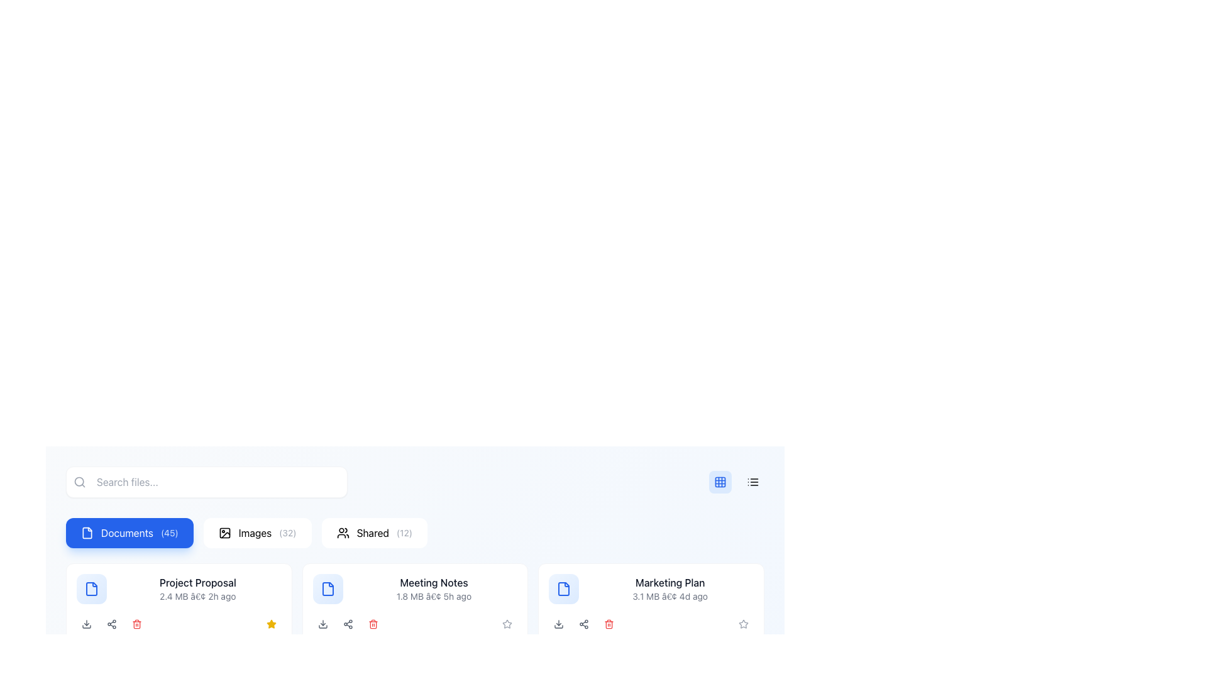  What do you see at coordinates (86, 624) in the screenshot?
I see `the download button located beneath the 'Project Proposal' file item` at bounding box center [86, 624].